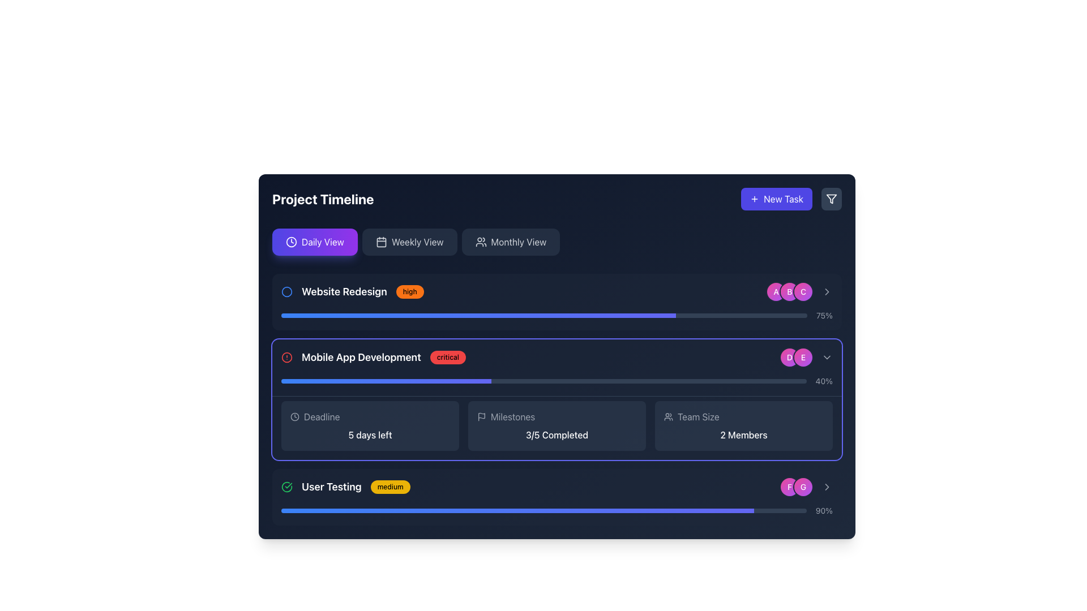 This screenshot has width=1087, height=611. Describe the element at coordinates (386, 381) in the screenshot. I see `the progress bar segment styled with a gradient from blue to indigo, which is located within the 'Mobile App Development' section and occupies the first 40% of the progress bar's width` at that location.